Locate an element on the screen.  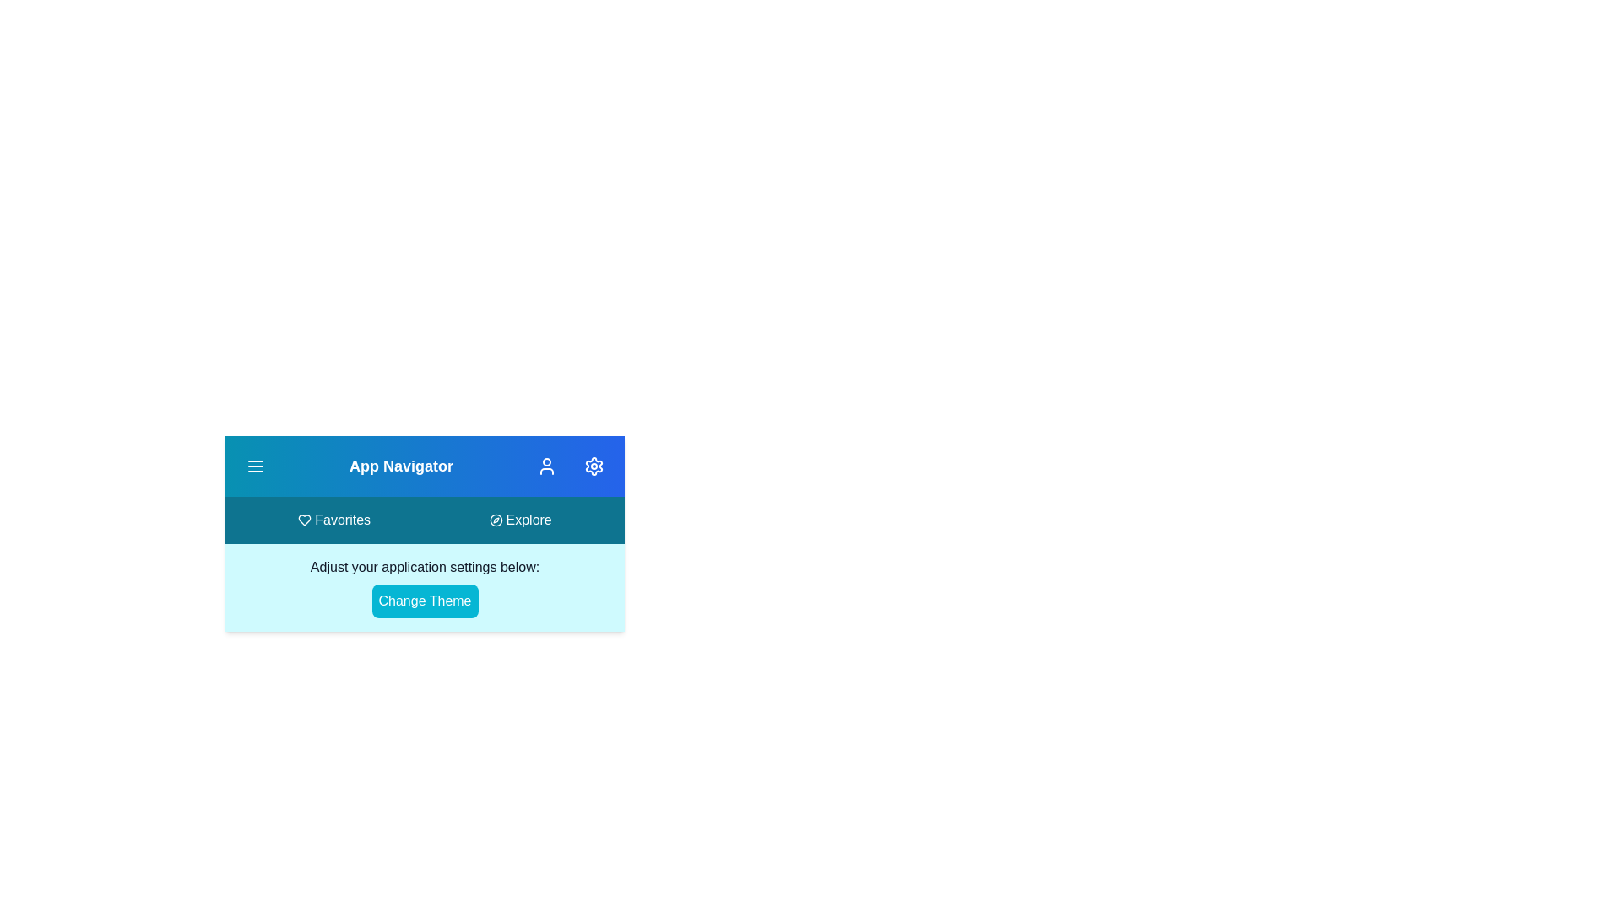
the menu icon, which consists of three parallel horizontal lines located in the top-left corner of the blue header bar adjacent to the 'App Navigator' text label is located at coordinates (254, 466).